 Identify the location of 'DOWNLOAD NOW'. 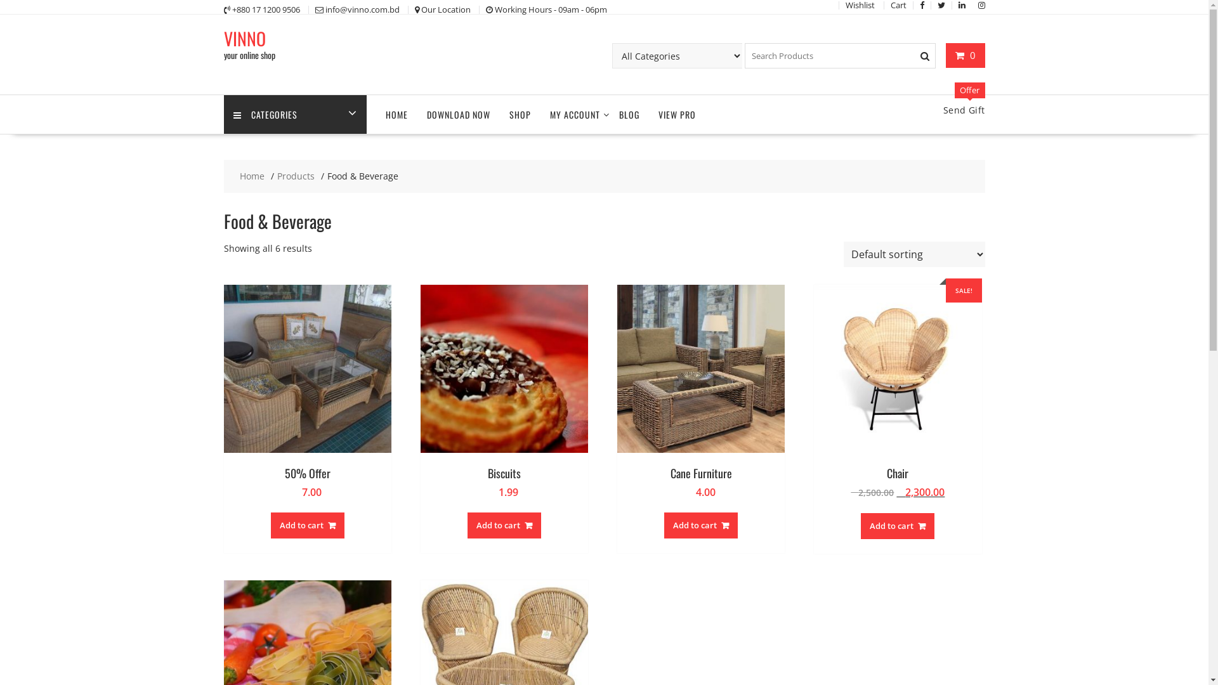
(458, 114).